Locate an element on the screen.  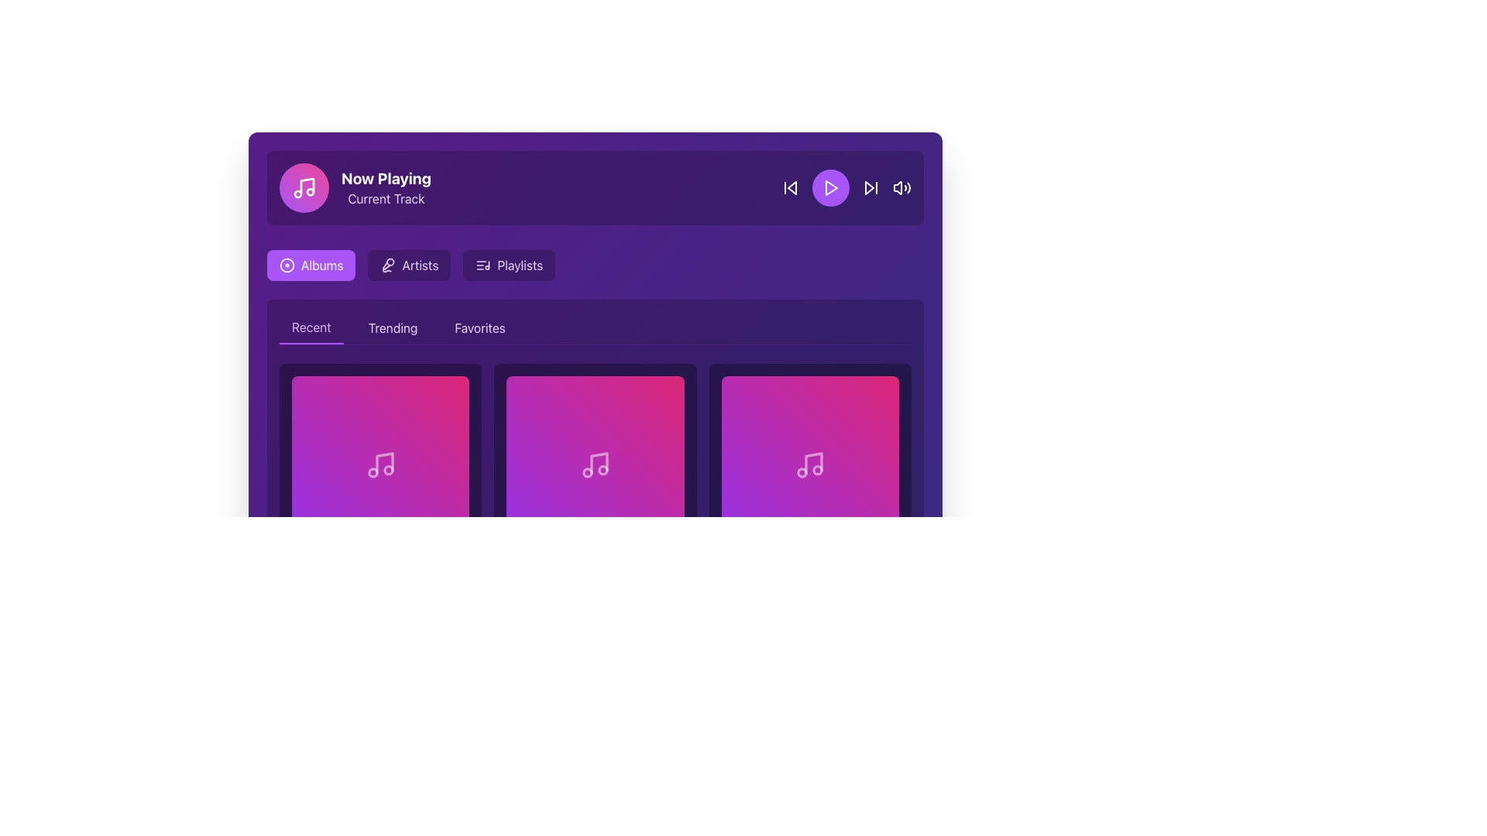
the 'skip forward' button icon, which is a triangular arrow pointing right, located in the top-right corner of the control bar is located at coordinates (871, 187).